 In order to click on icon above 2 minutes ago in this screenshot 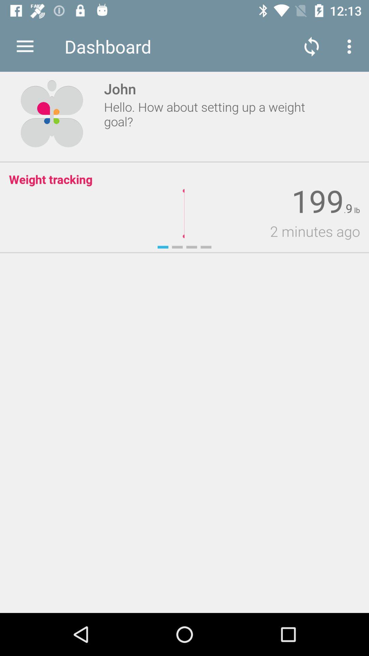, I will do `click(356, 210)`.